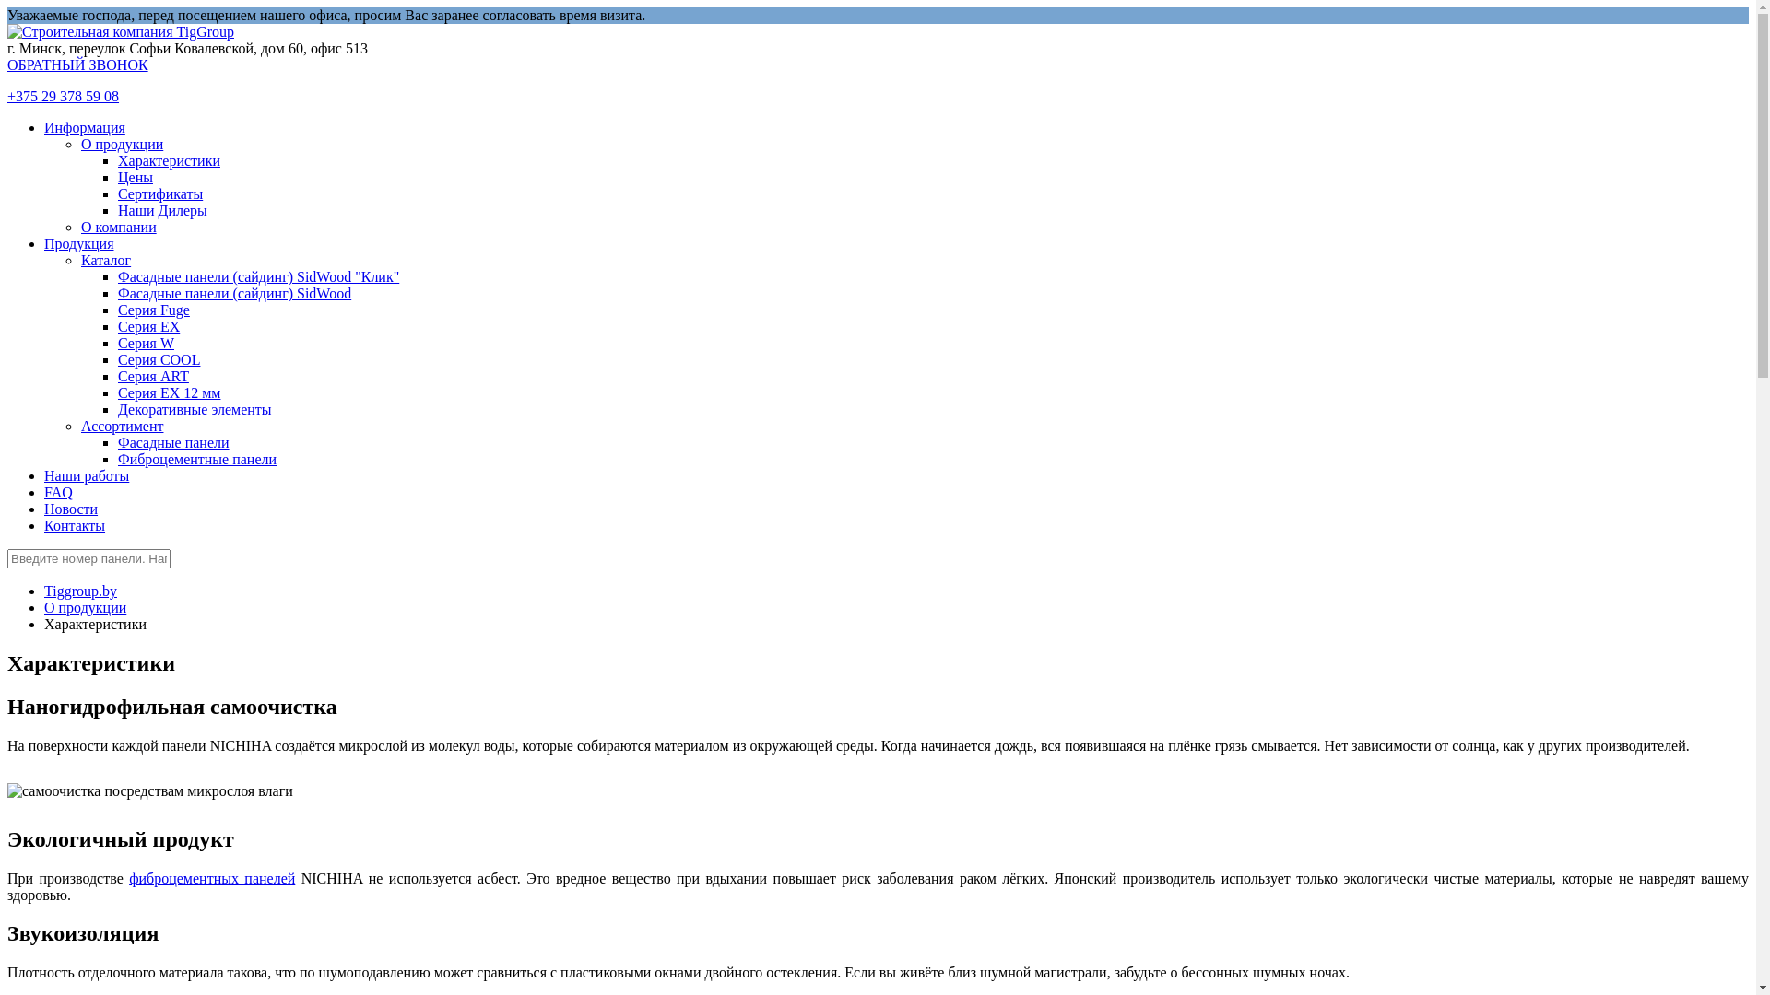  What do you see at coordinates (79, 591) in the screenshot?
I see `'Tiggroup.by'` at bounding box center [79, 591].